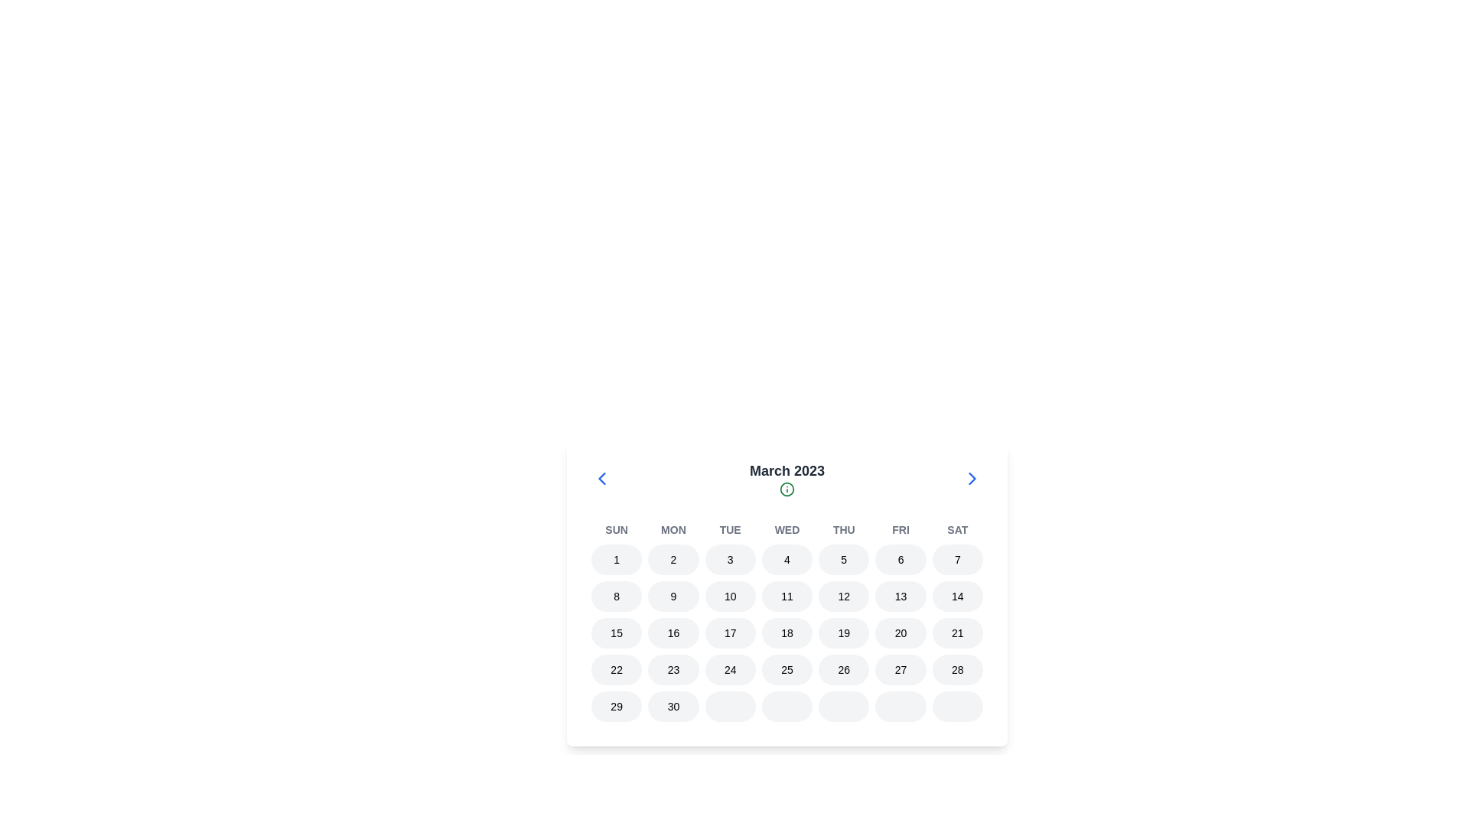 This screenshot has height=826, width=1469. What do you see at coordinates (901, 668) in the screenshot?
I see `the circular button labeled '27' which has a light gray background and is part of a horizontal sequence of date buttons in a calendar view` at bounding box center [901, 668].